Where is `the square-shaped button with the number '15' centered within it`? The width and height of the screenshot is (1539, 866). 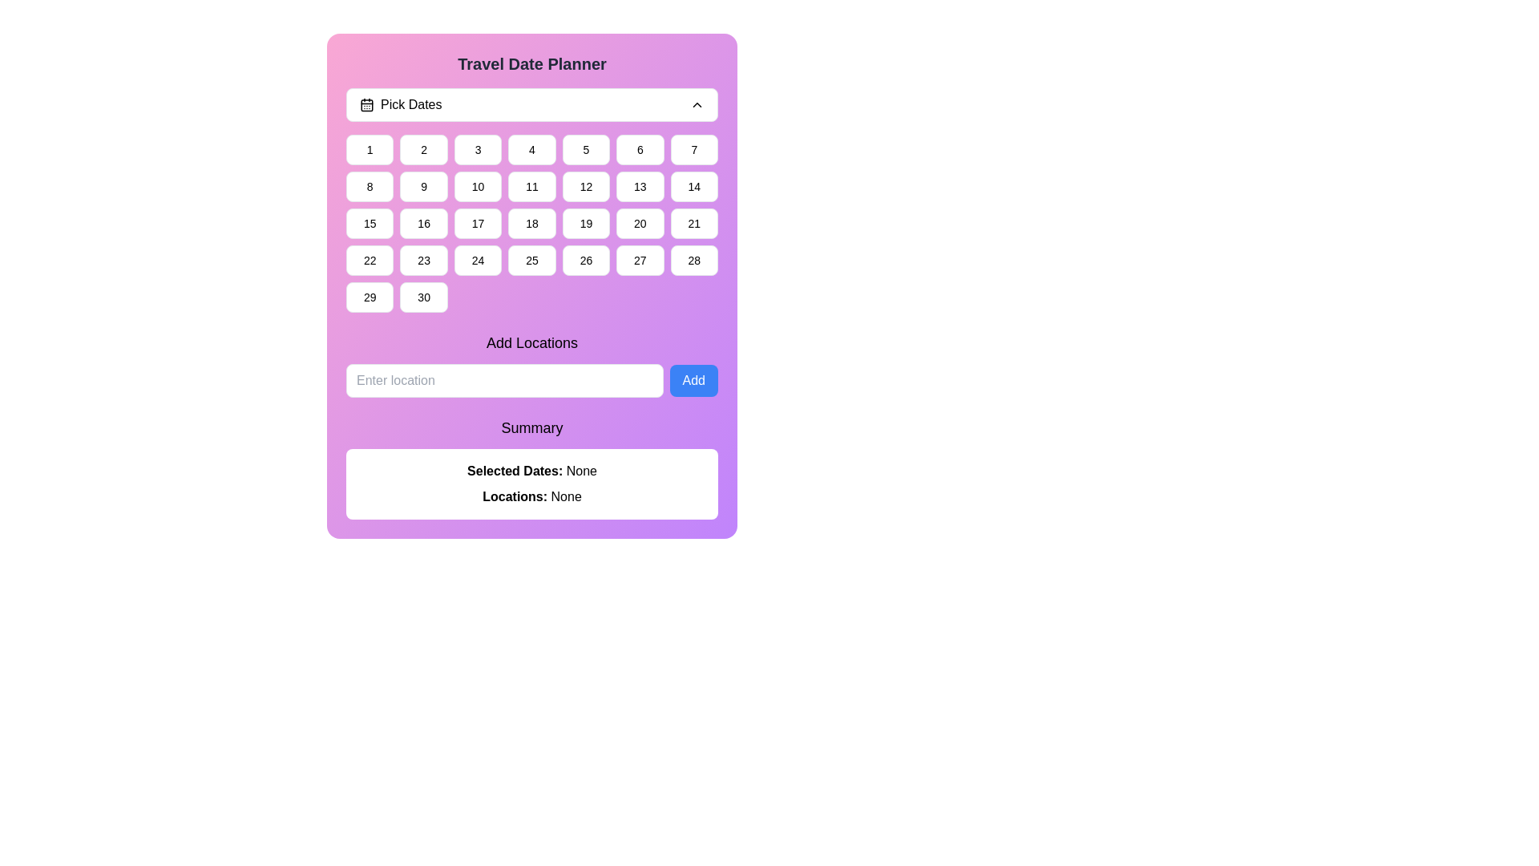 the square-shaped button with the number '15' centered within it is located at coordinates (369, 223).